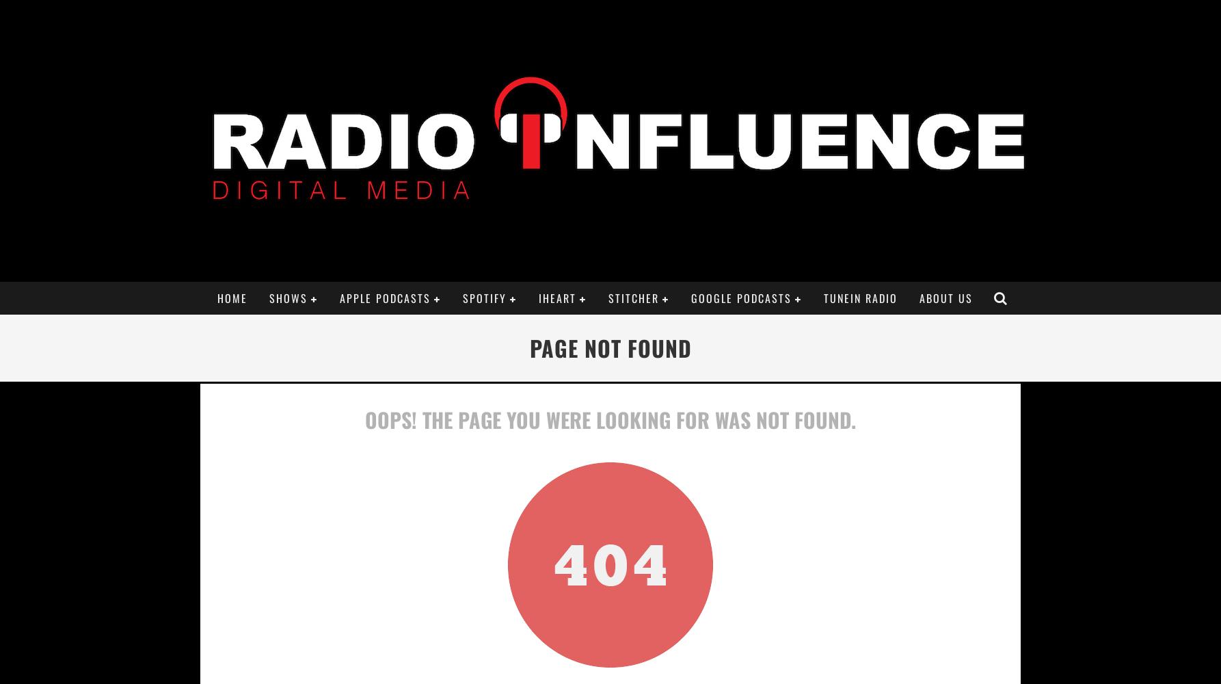 The height and width of the screenshot is (684, 1221). Describe the element at coordinates (860, 298) in the screenshot. I see `'TuneIn Radio'` at that location.